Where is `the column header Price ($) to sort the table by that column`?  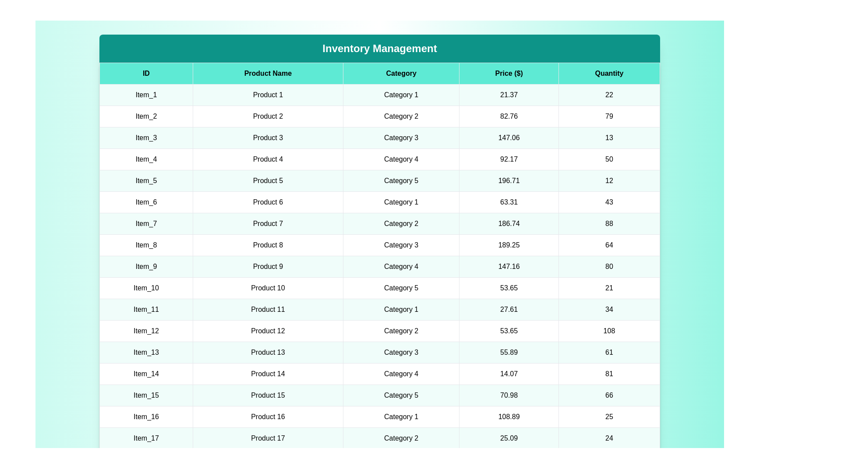
the column header Price ($) to sort the table by that column is located at coordinates (509, 73).